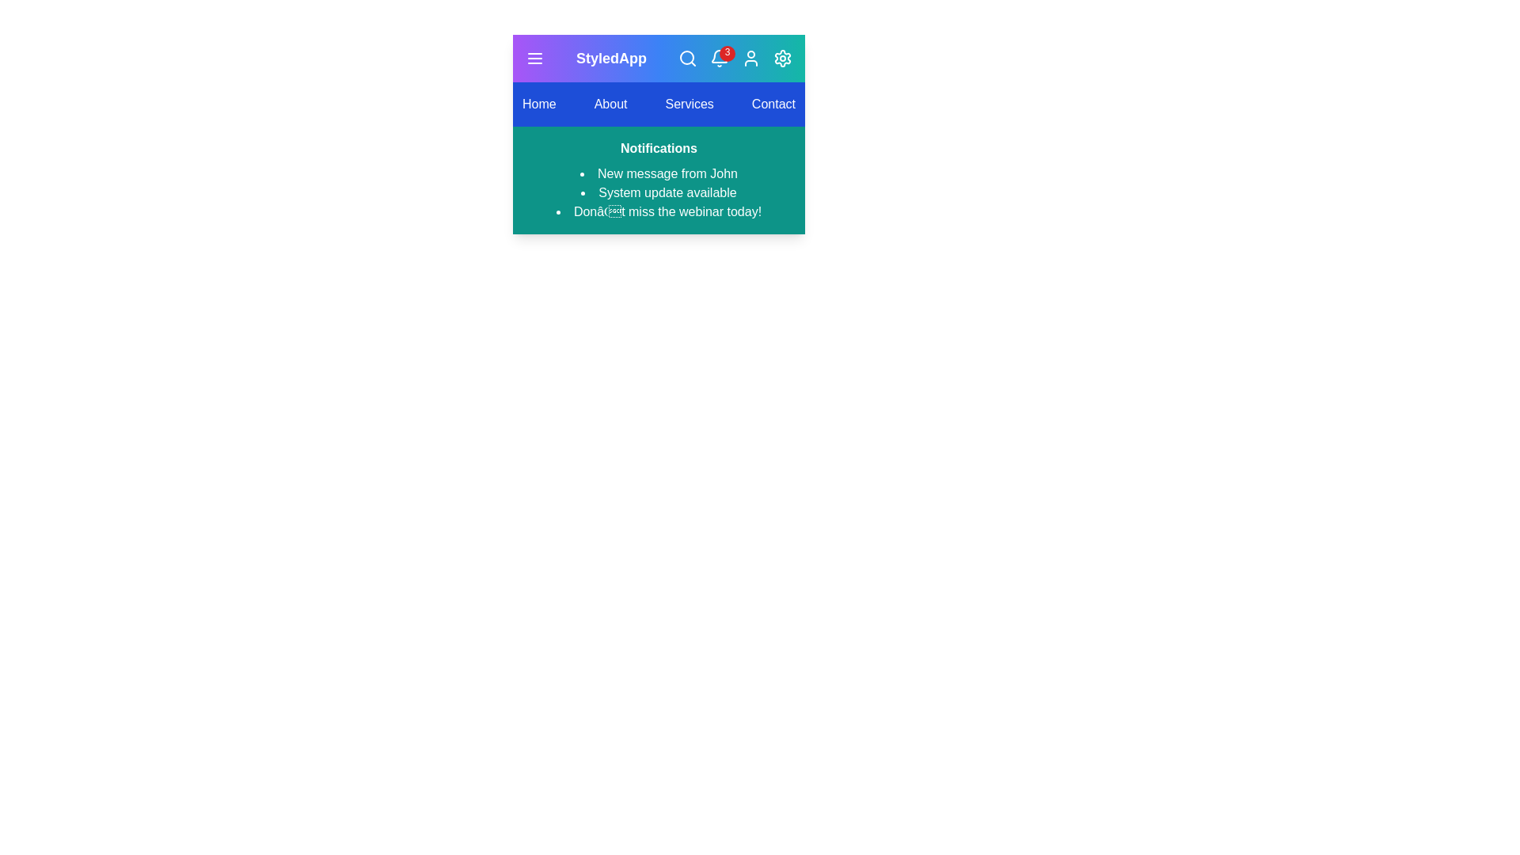 This screenshot has height=855, width=1520. Describe the element at coordinates (750, 57) in the screenshot. I see `the user icon with a circular head and curved shoulders, outlined in white on a blue-green background, located second-to-last in the top-right row of icons to trigger a tooltip` at that location.